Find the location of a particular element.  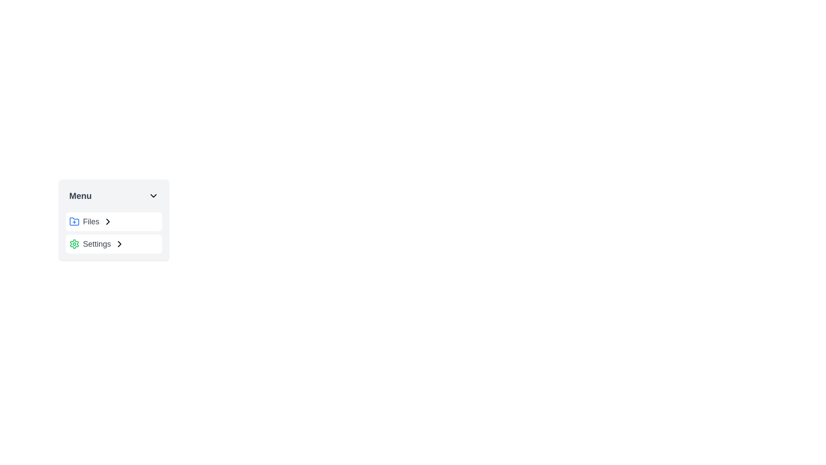

the Dropdown trigger icon located to the far right of the 'Menu' text is located at coordinates (153, 196).